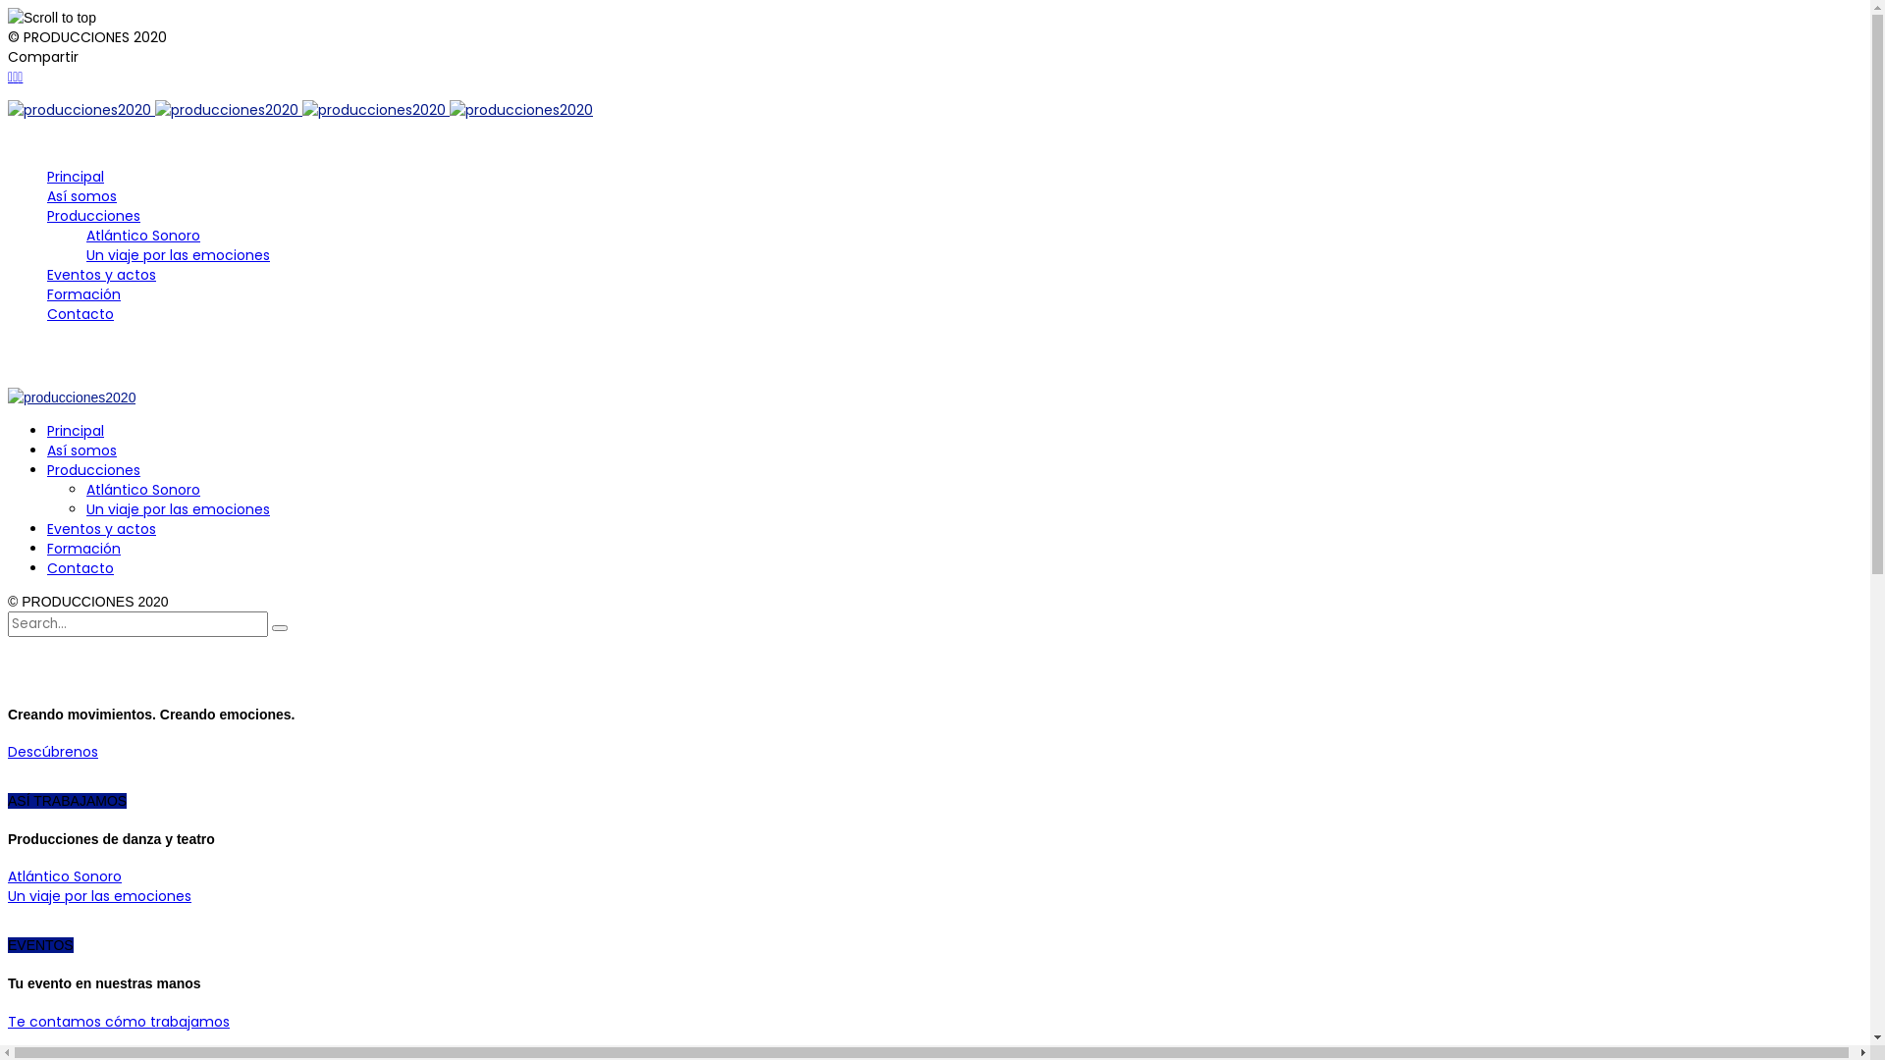 This screenshot has height=1060, width=1885. Describe the element at coordinates (8, 896) in the screenshot. I see `'Un viaje por las emociones'` at that location.